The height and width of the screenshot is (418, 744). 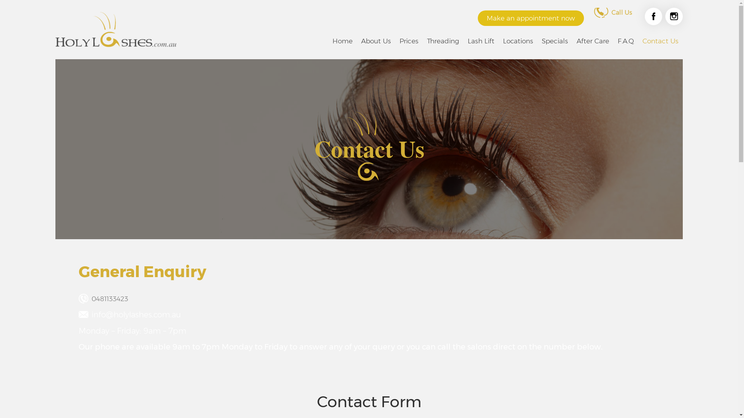 I want to click on 'F.A.Q', so click(x=625, y=41).